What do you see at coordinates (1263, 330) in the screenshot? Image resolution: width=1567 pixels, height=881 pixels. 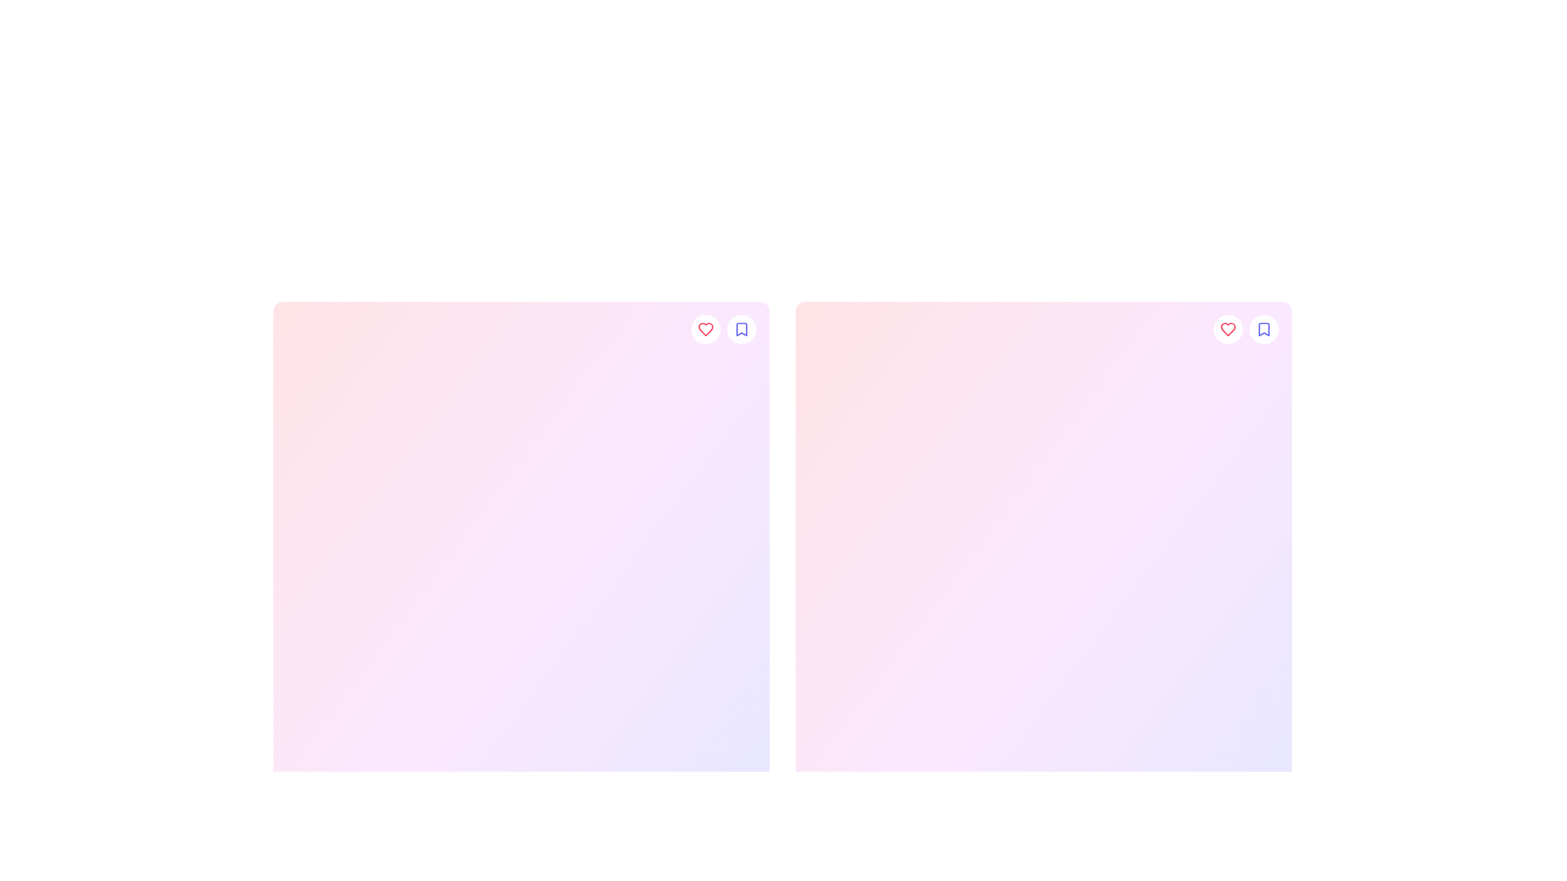 I see `the bookmarking button located at the top-right corner of the interface, which is the second button following a heart-shaped icon` at bounding box center [1263, 330].